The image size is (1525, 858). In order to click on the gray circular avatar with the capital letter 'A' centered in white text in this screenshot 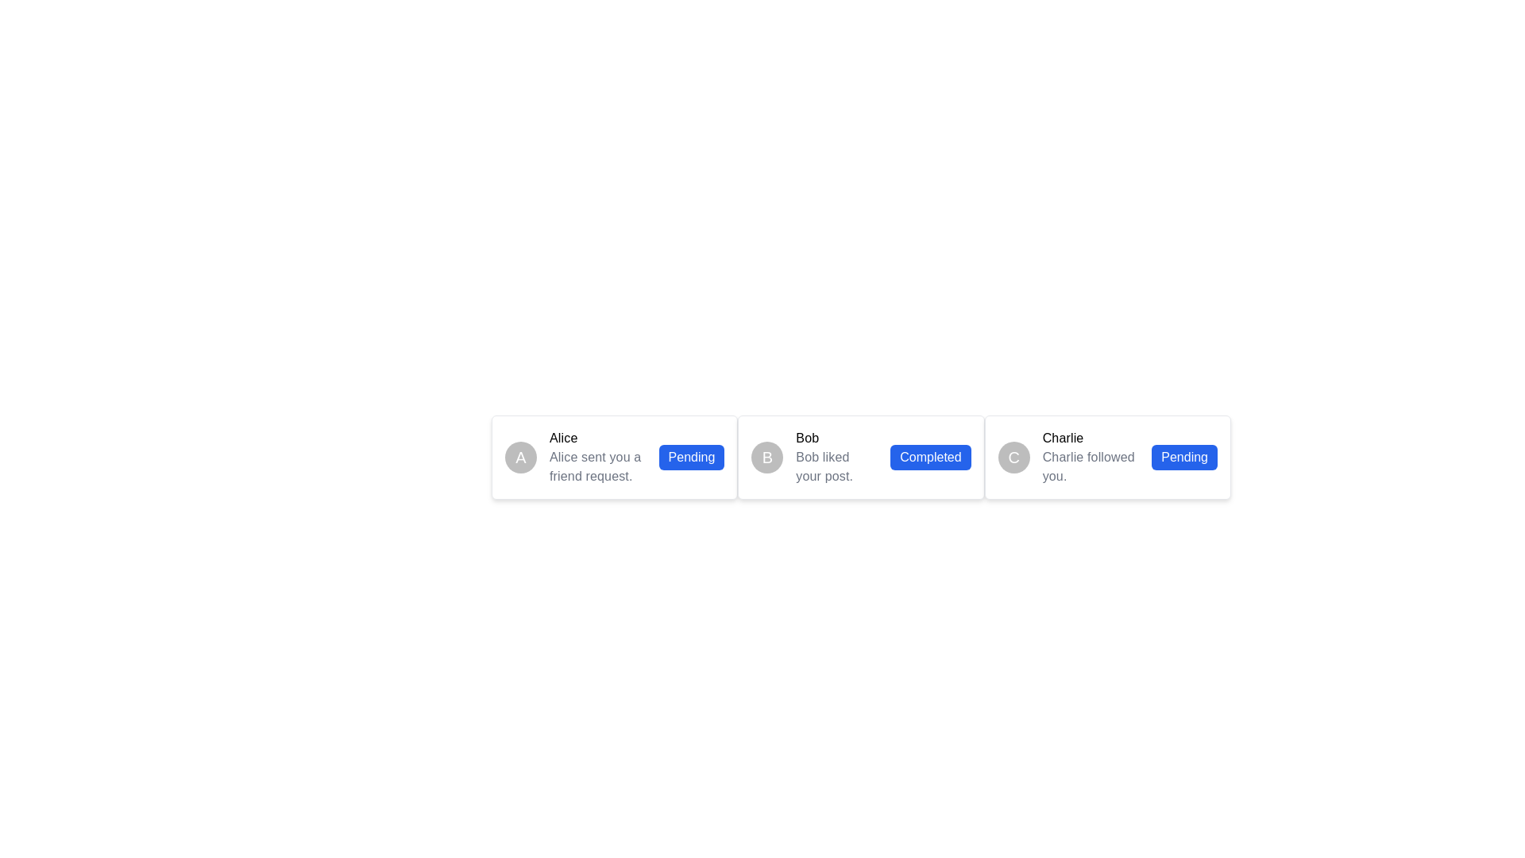, I will do `click(521, 457)`.